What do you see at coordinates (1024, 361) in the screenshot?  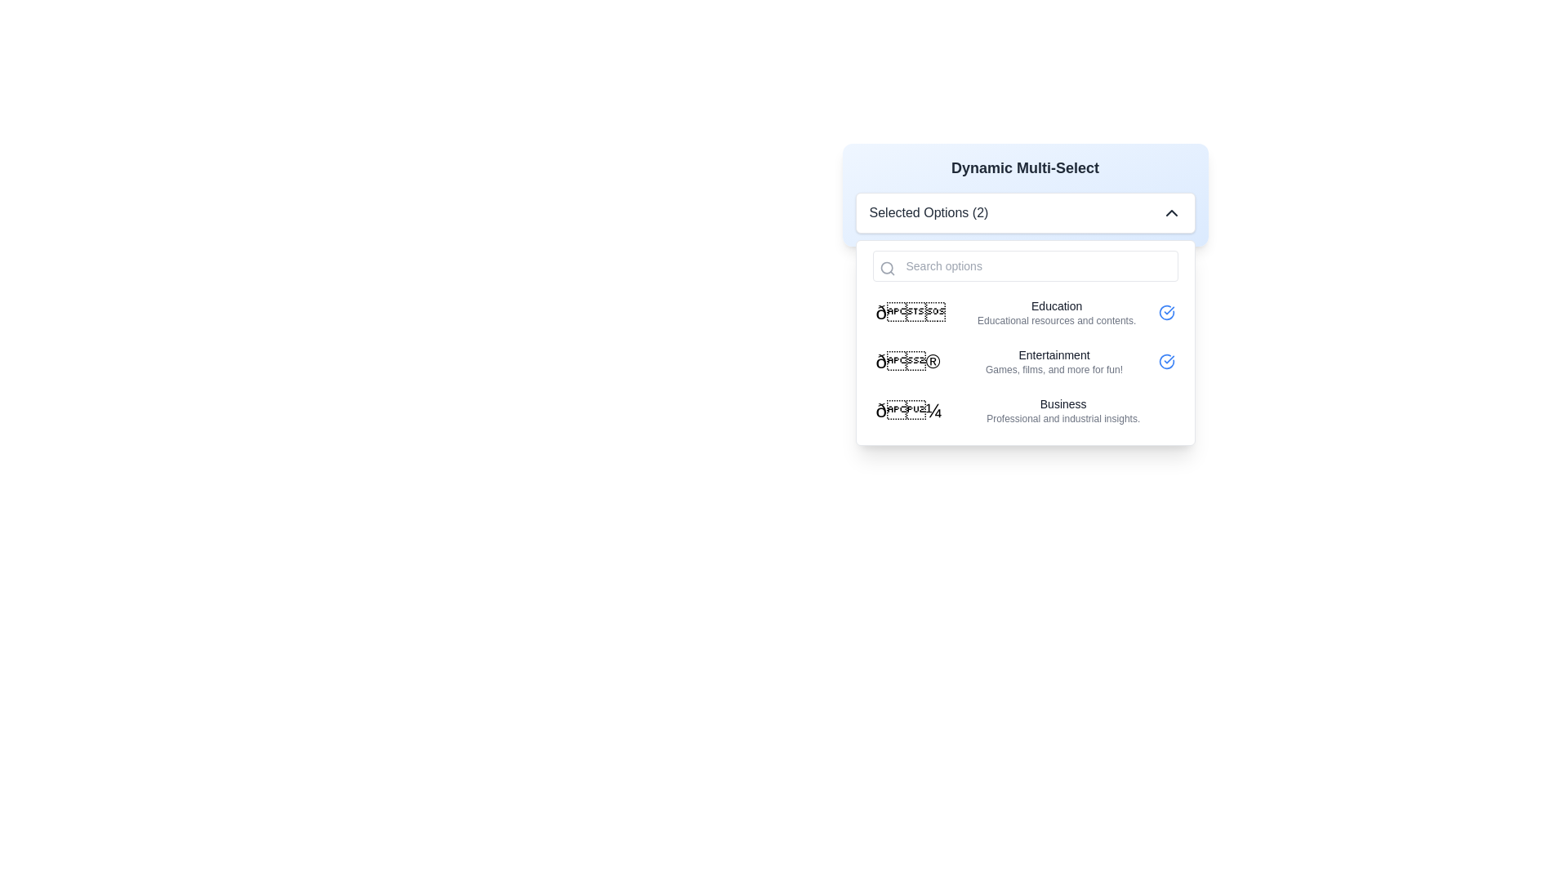 I see `the selectable item titled 'Entertainment' within the dropdown` at bounding box center [1024, 361].